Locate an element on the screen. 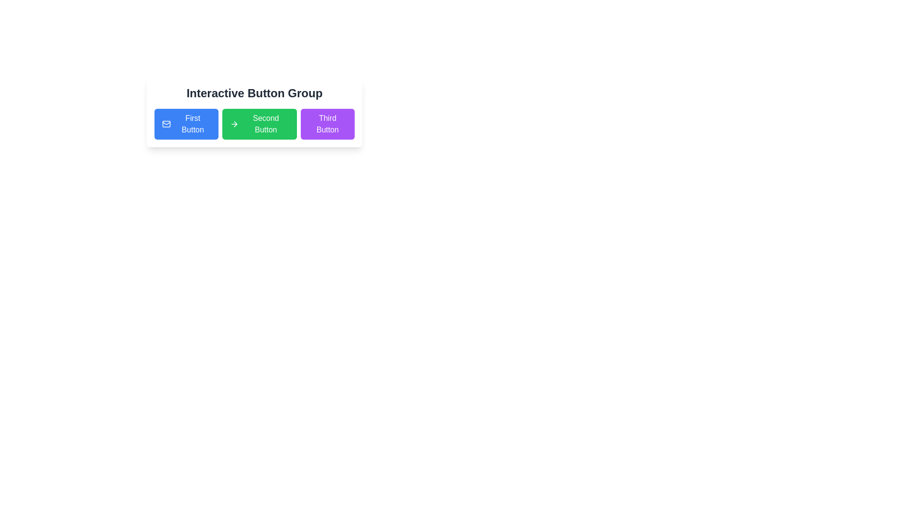  the blue 'First Button' which has white text and an envelope icon to trigger visual effects like scaling is located at coordinates (186, 124).